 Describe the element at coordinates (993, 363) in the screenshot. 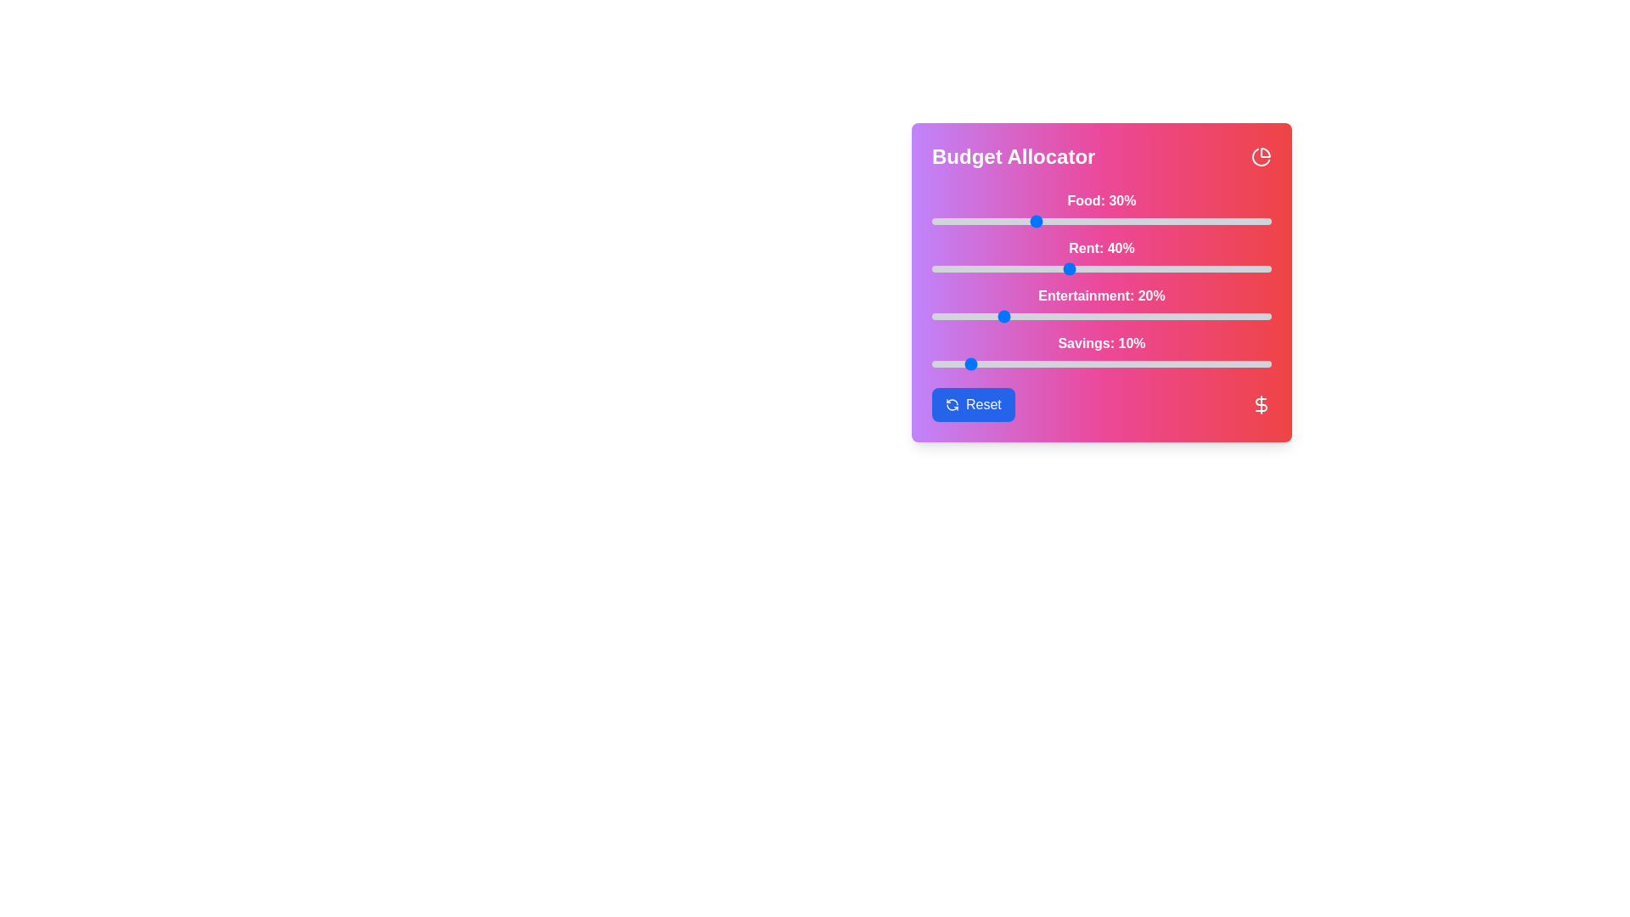

I see `the savings slider` at that location.